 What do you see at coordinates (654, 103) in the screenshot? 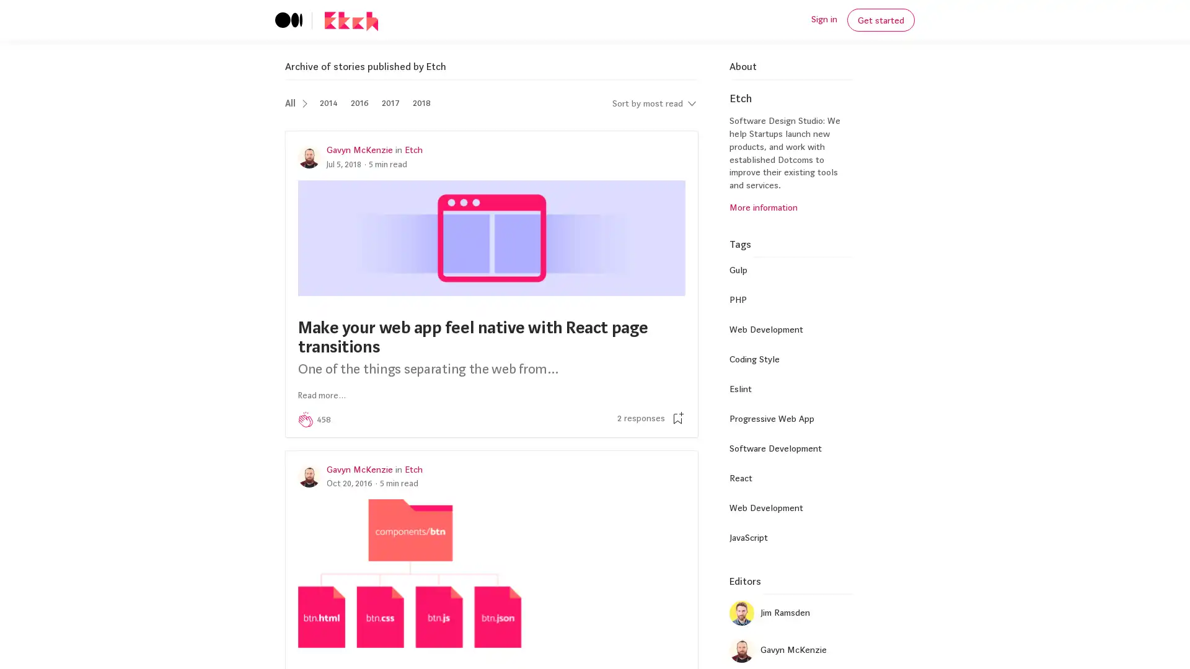
I see `Sort by most read` at bounding box center [654, 103].